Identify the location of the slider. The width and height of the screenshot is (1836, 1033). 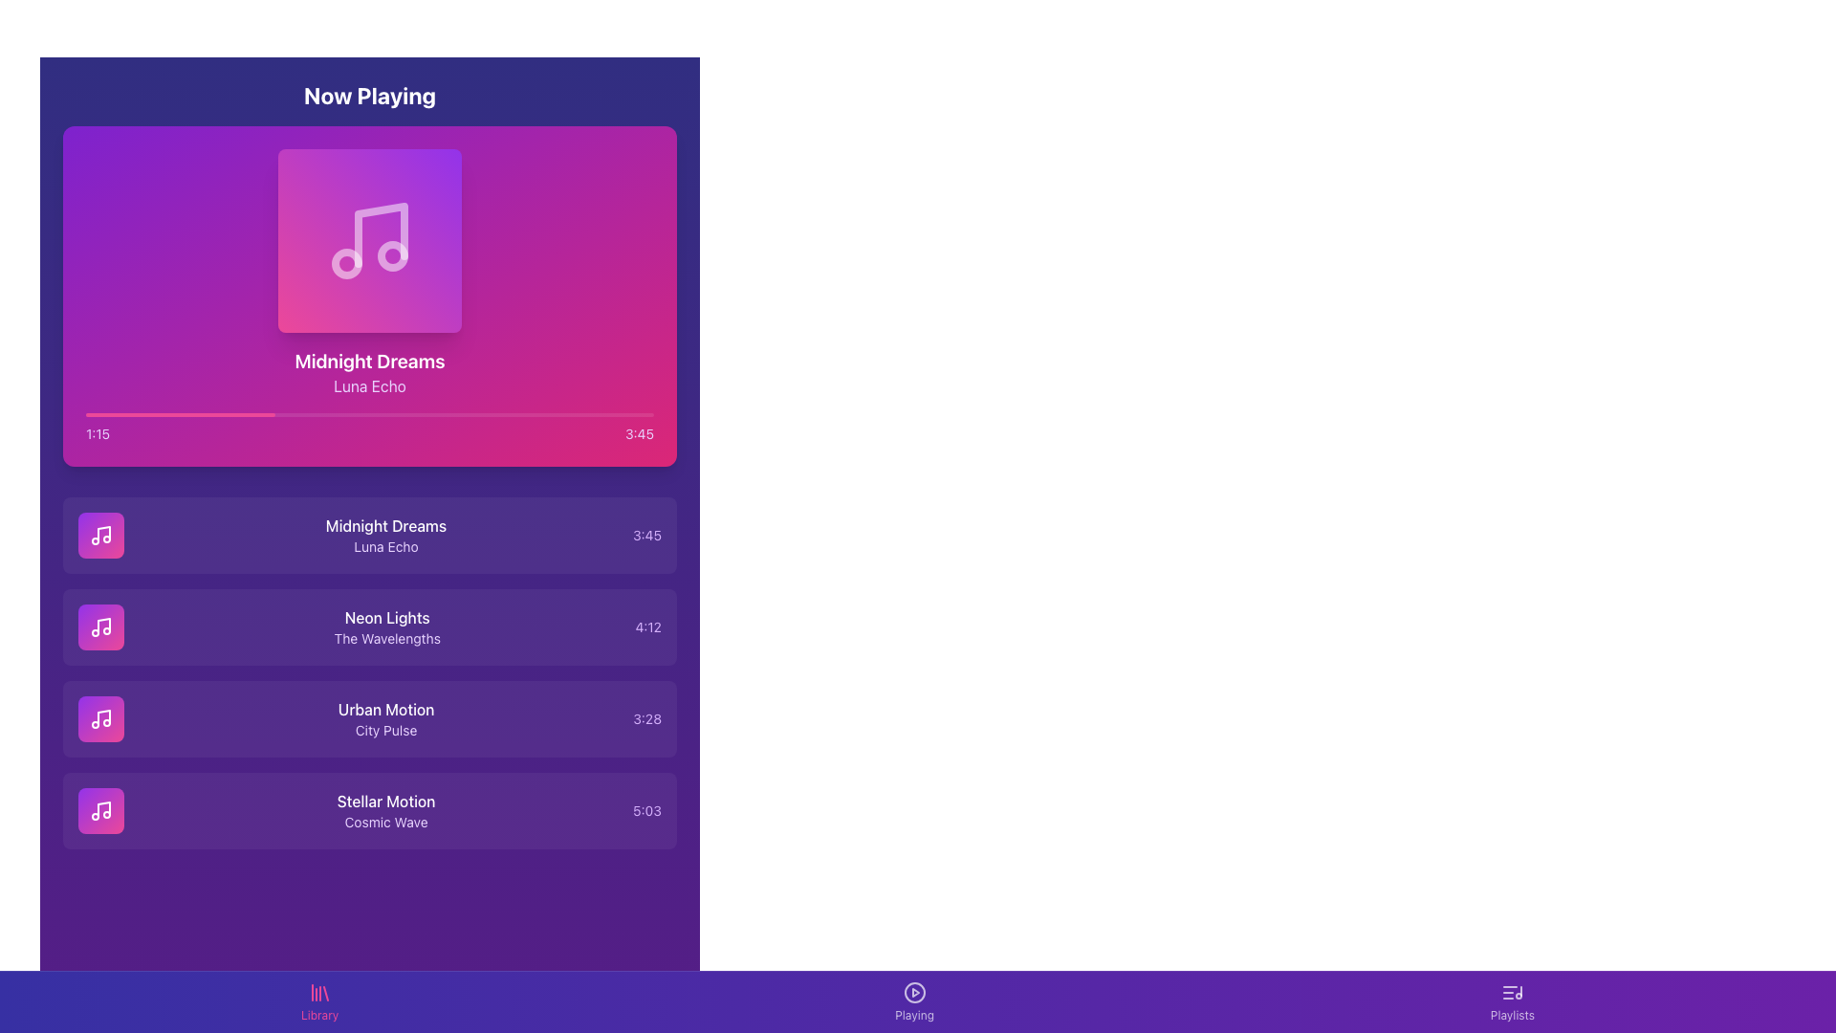
(160, 414).